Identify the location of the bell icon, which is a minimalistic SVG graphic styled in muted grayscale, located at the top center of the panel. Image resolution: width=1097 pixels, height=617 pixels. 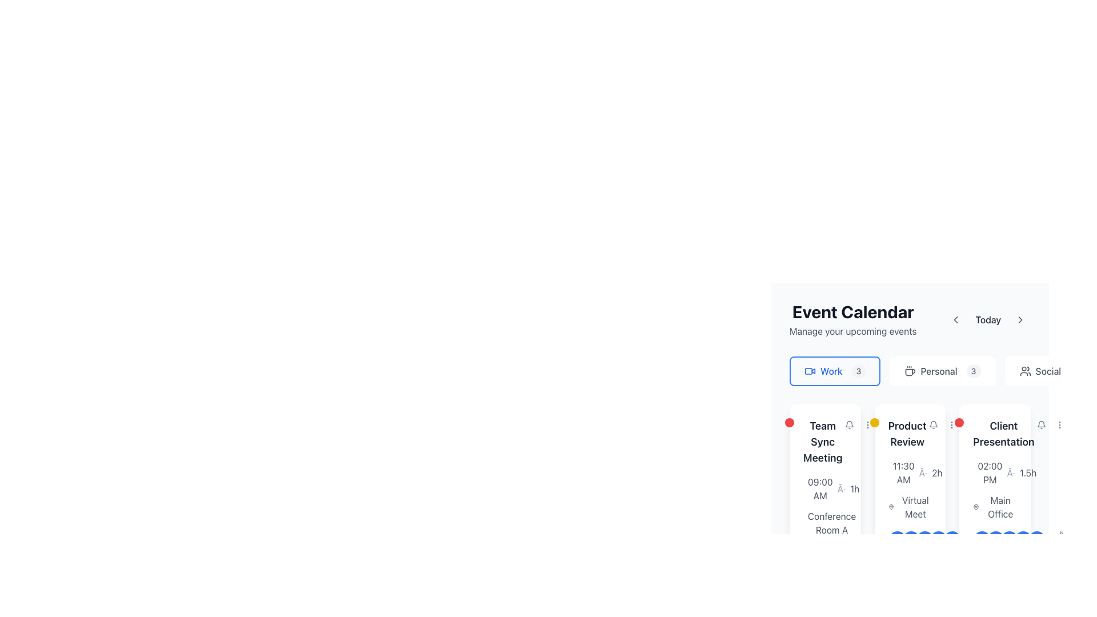
(933, 425).